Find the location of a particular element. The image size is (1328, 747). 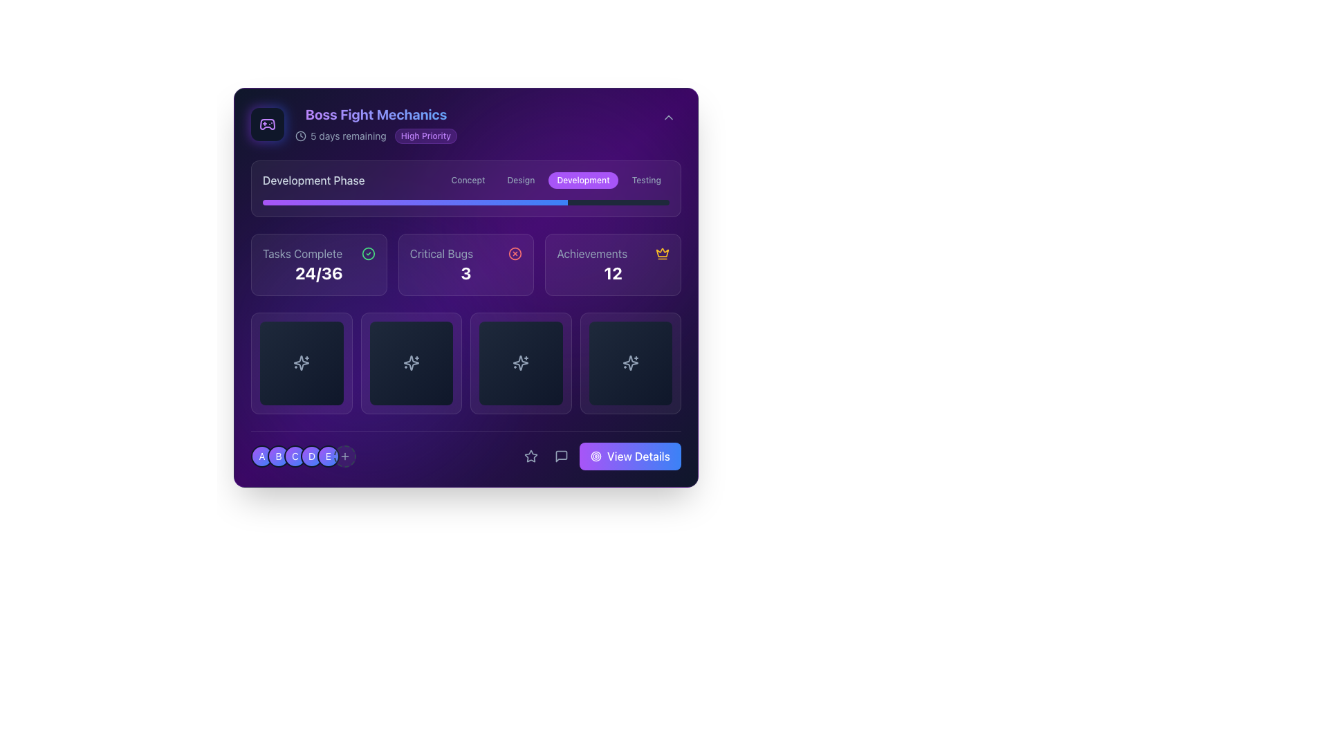

the interactive visual component styled as a button or display block, which is the fourth square in a row of four, located at the bottom section of a card-like layout is located at coordinates (629, 362).